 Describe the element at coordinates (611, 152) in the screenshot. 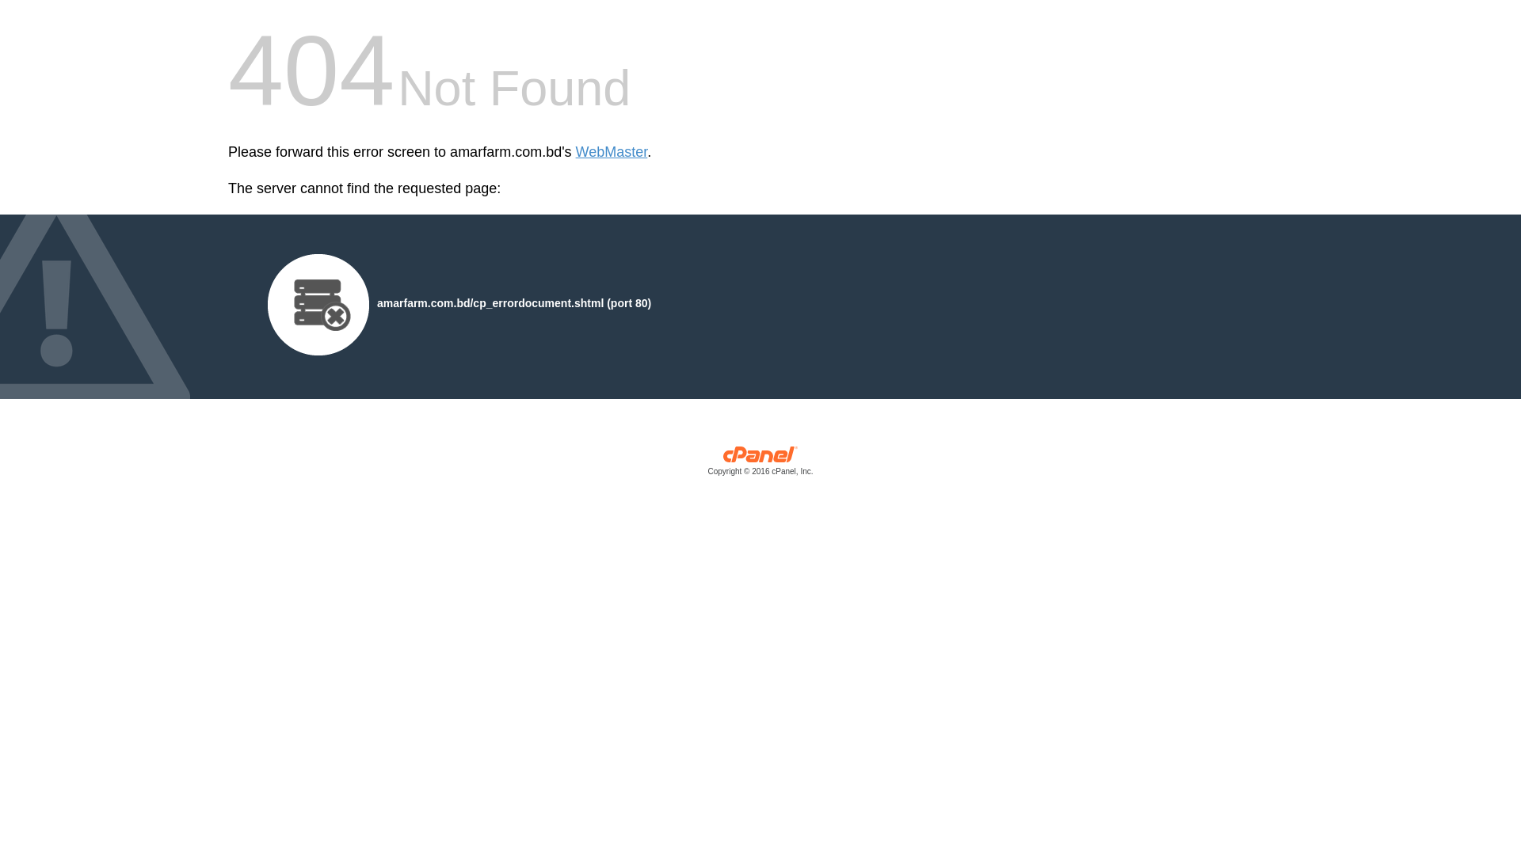

I see `'WebMaster'` at that location.